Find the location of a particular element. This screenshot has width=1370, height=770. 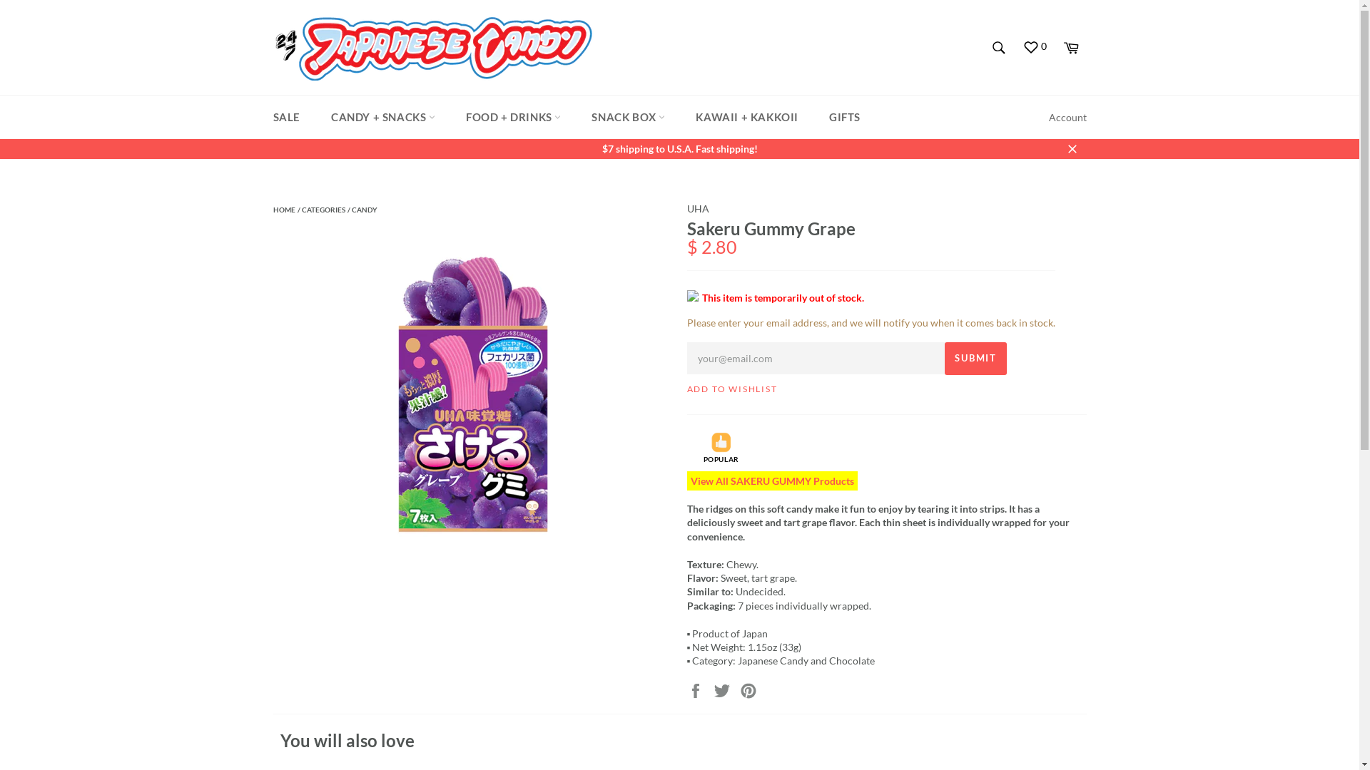

'0' is located at coordinates (1035, 46).